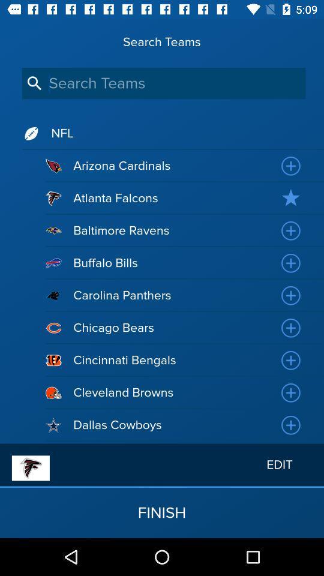  What do you see at coordinates (163, 83) in the screenshot?
I see `search bar` at bounding box center [163, 83].